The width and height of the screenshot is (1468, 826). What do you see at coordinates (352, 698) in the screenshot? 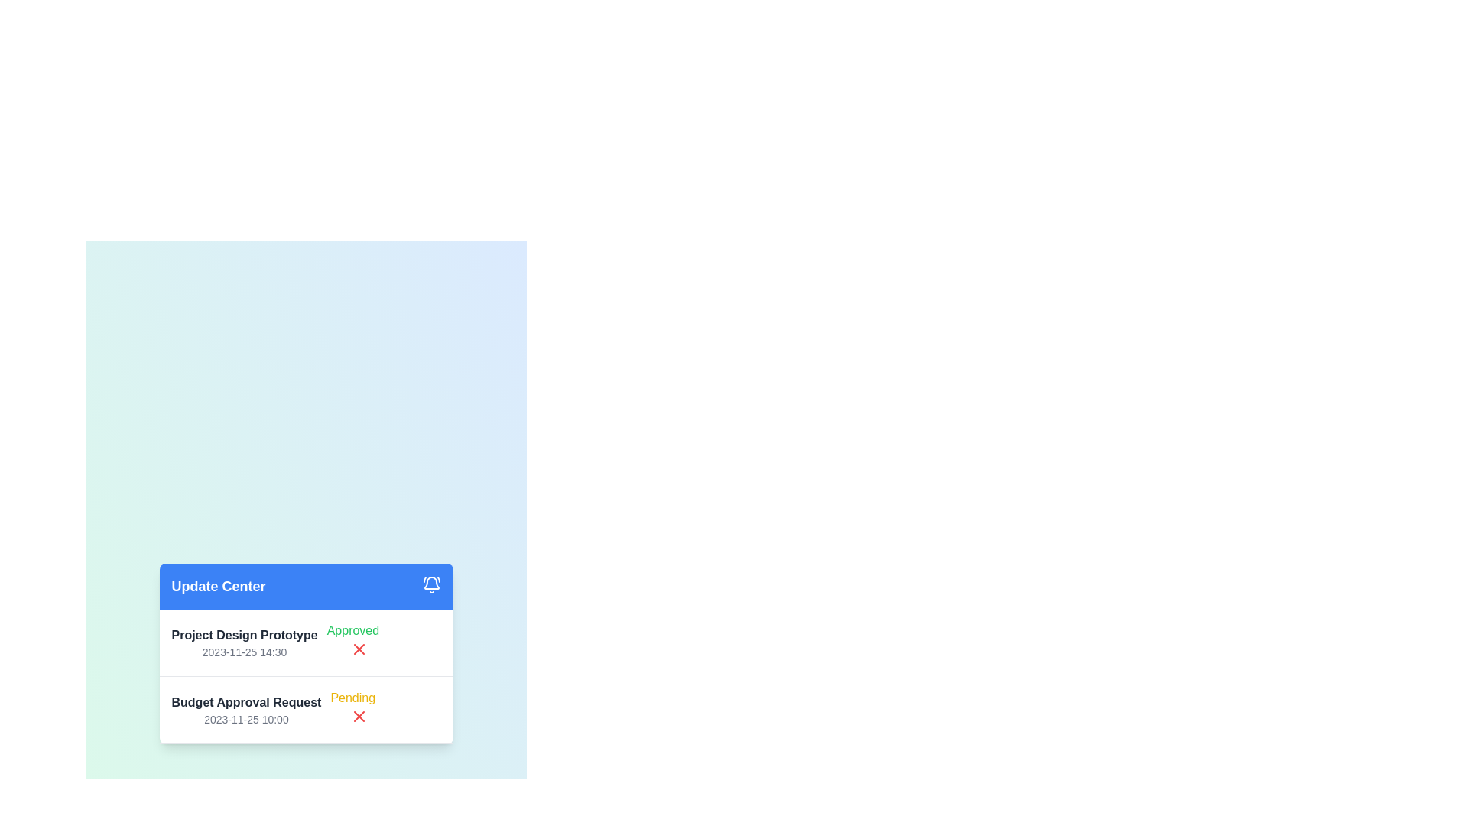
I see `'Pending' status text from the yellow bold label located in the second item of the notification list, right of the title 'Budget Approval Request'` at bounding box center [352, 698].